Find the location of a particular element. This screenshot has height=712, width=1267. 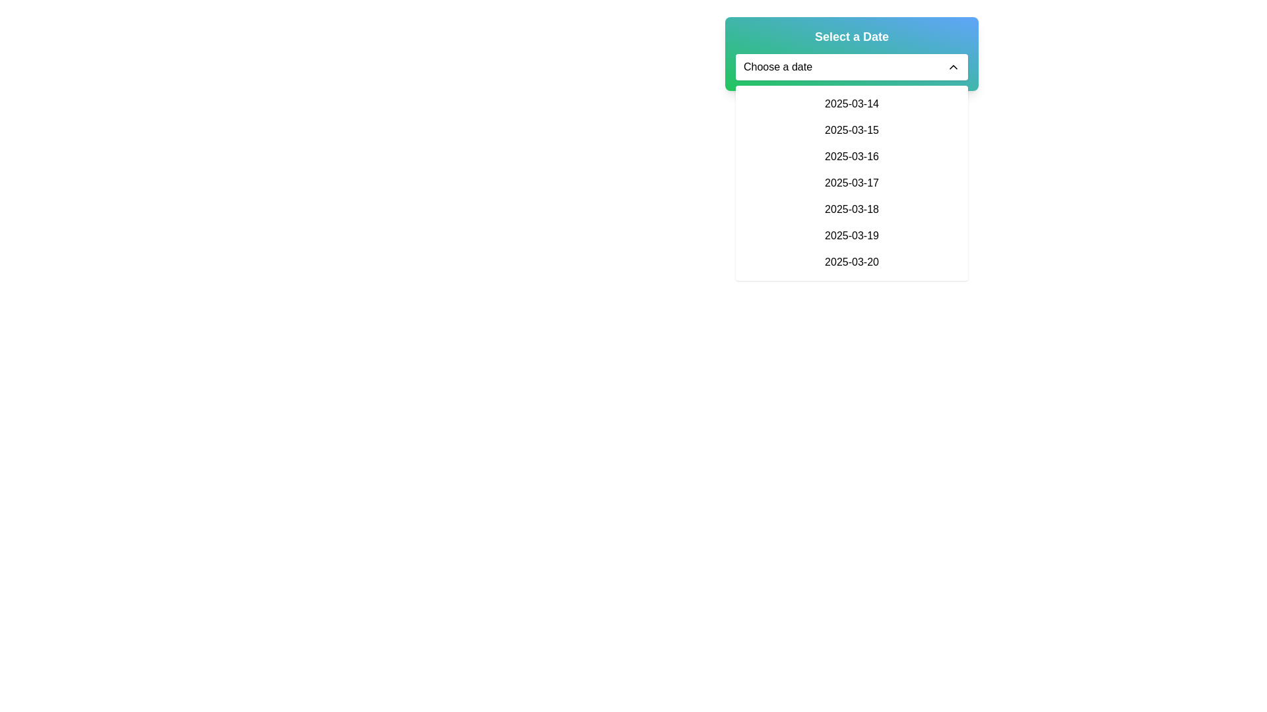

the dropdown option displaying the date '2025-03-16' is located at coordinates (852, 156).